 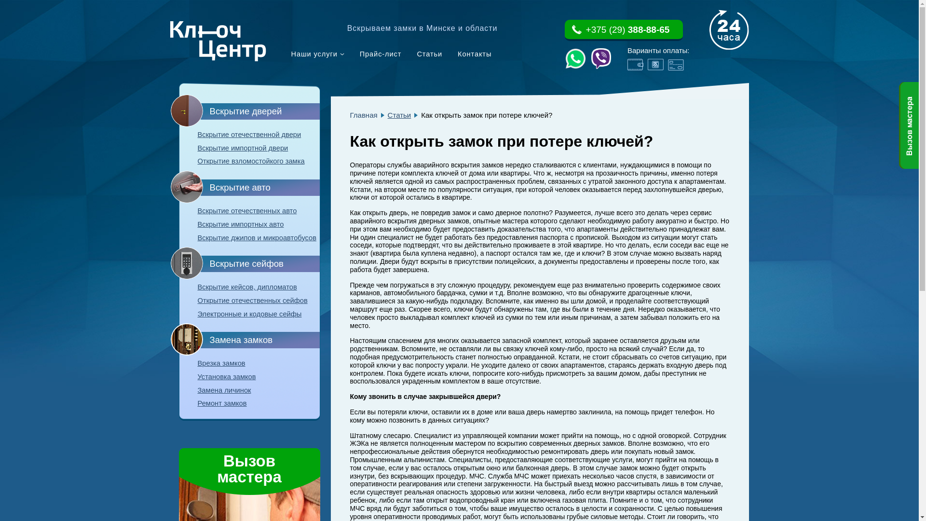 I want to click on '+375 (29) 388-88-65', so click(x=623, y=29).